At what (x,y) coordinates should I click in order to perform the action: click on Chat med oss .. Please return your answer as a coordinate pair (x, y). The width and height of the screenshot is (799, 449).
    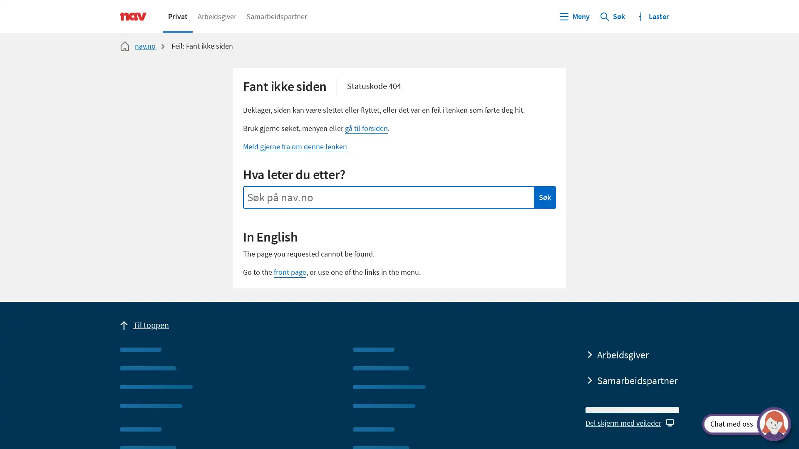
    Looking at the image, I should click on (739, 424).